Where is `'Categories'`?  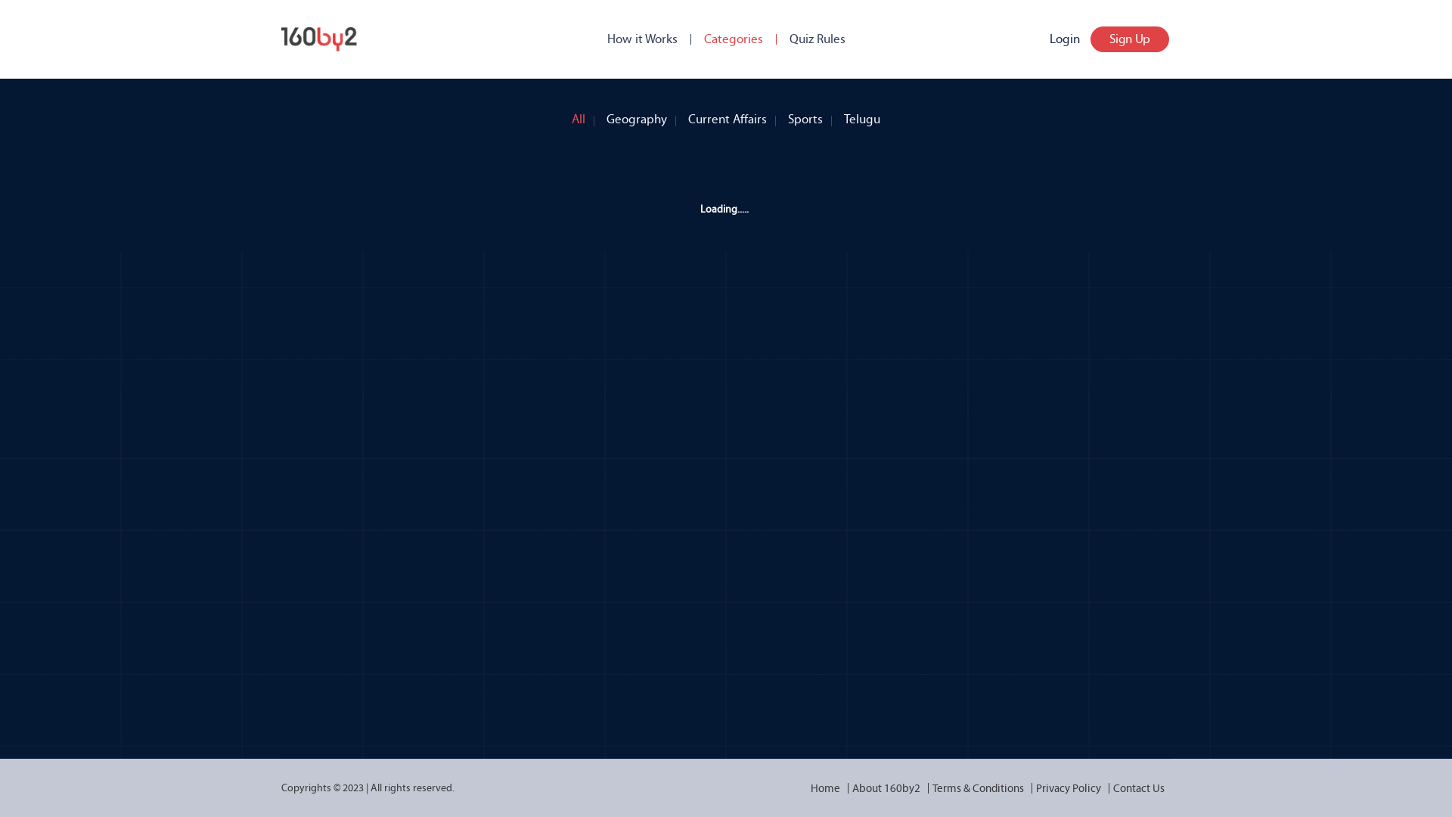 'Categories' is located at coordinates (703, 38).